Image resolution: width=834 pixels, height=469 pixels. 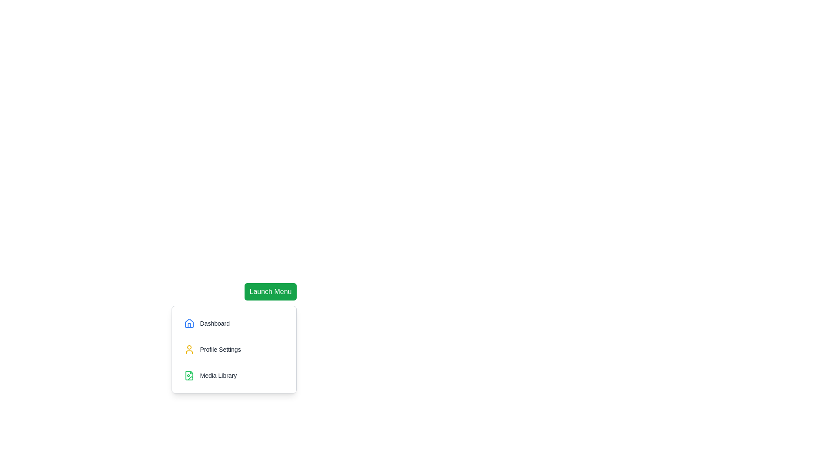 What do you see at coordinates (215, 323) in the screenshot?
I see `the 'Dashboard' label located to the right of the blue house icon in the vertical menu` at bounding box center [215, 323].